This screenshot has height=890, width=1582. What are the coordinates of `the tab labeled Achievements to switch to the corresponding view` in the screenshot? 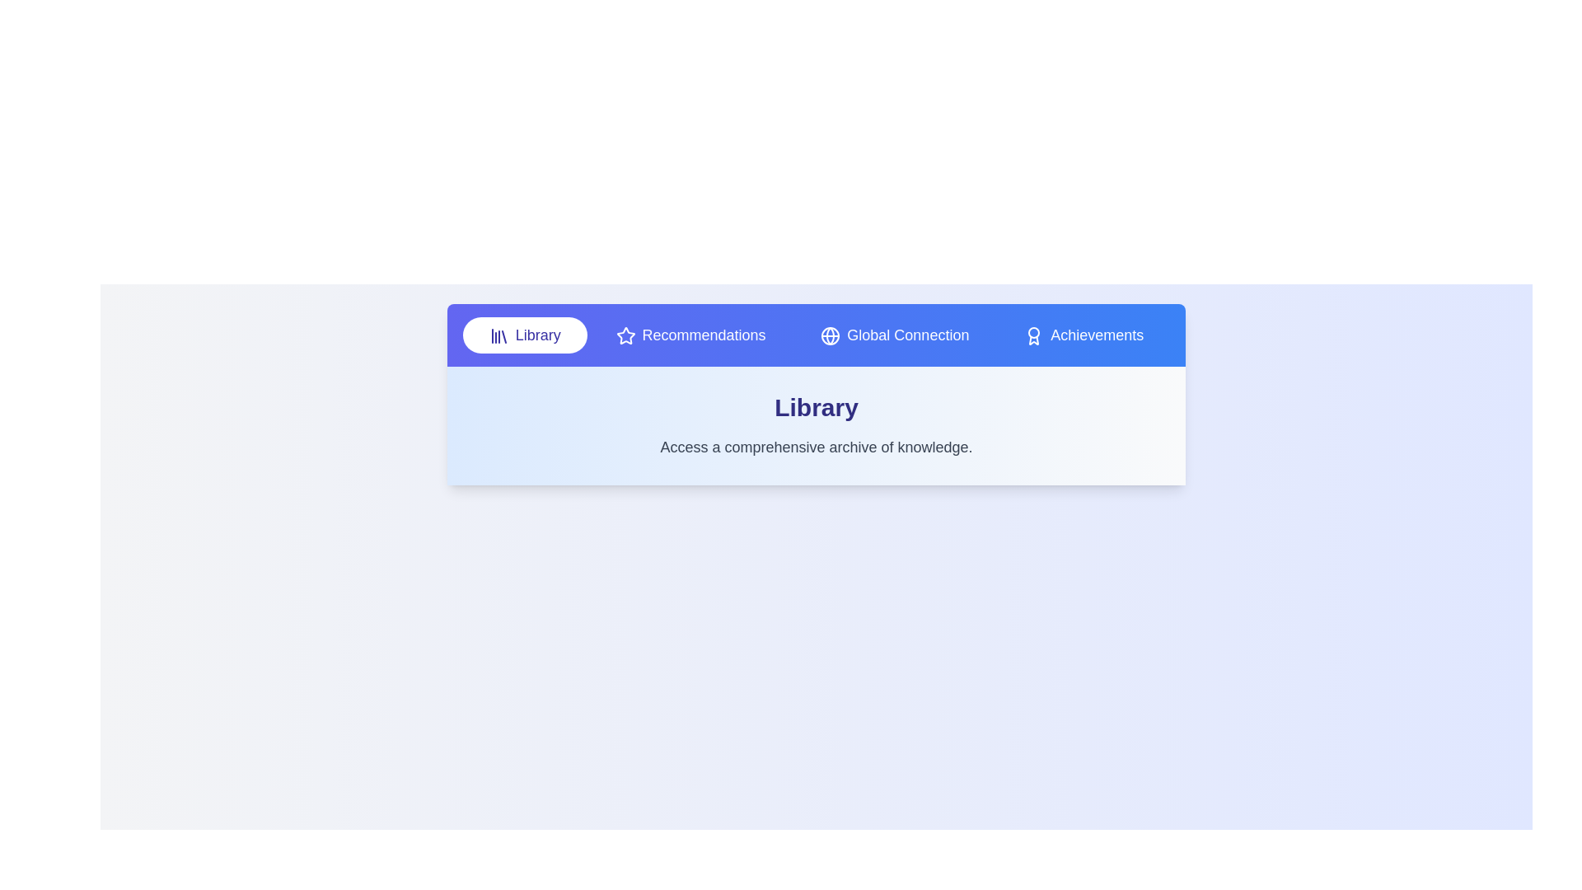 It's located at (1084, 335).